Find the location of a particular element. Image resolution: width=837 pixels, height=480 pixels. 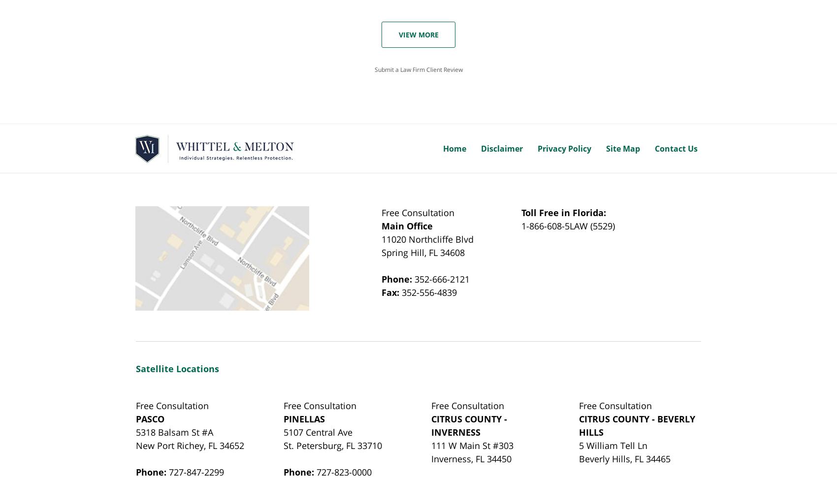

'Contact Us' is located at coordinates (676, 148).